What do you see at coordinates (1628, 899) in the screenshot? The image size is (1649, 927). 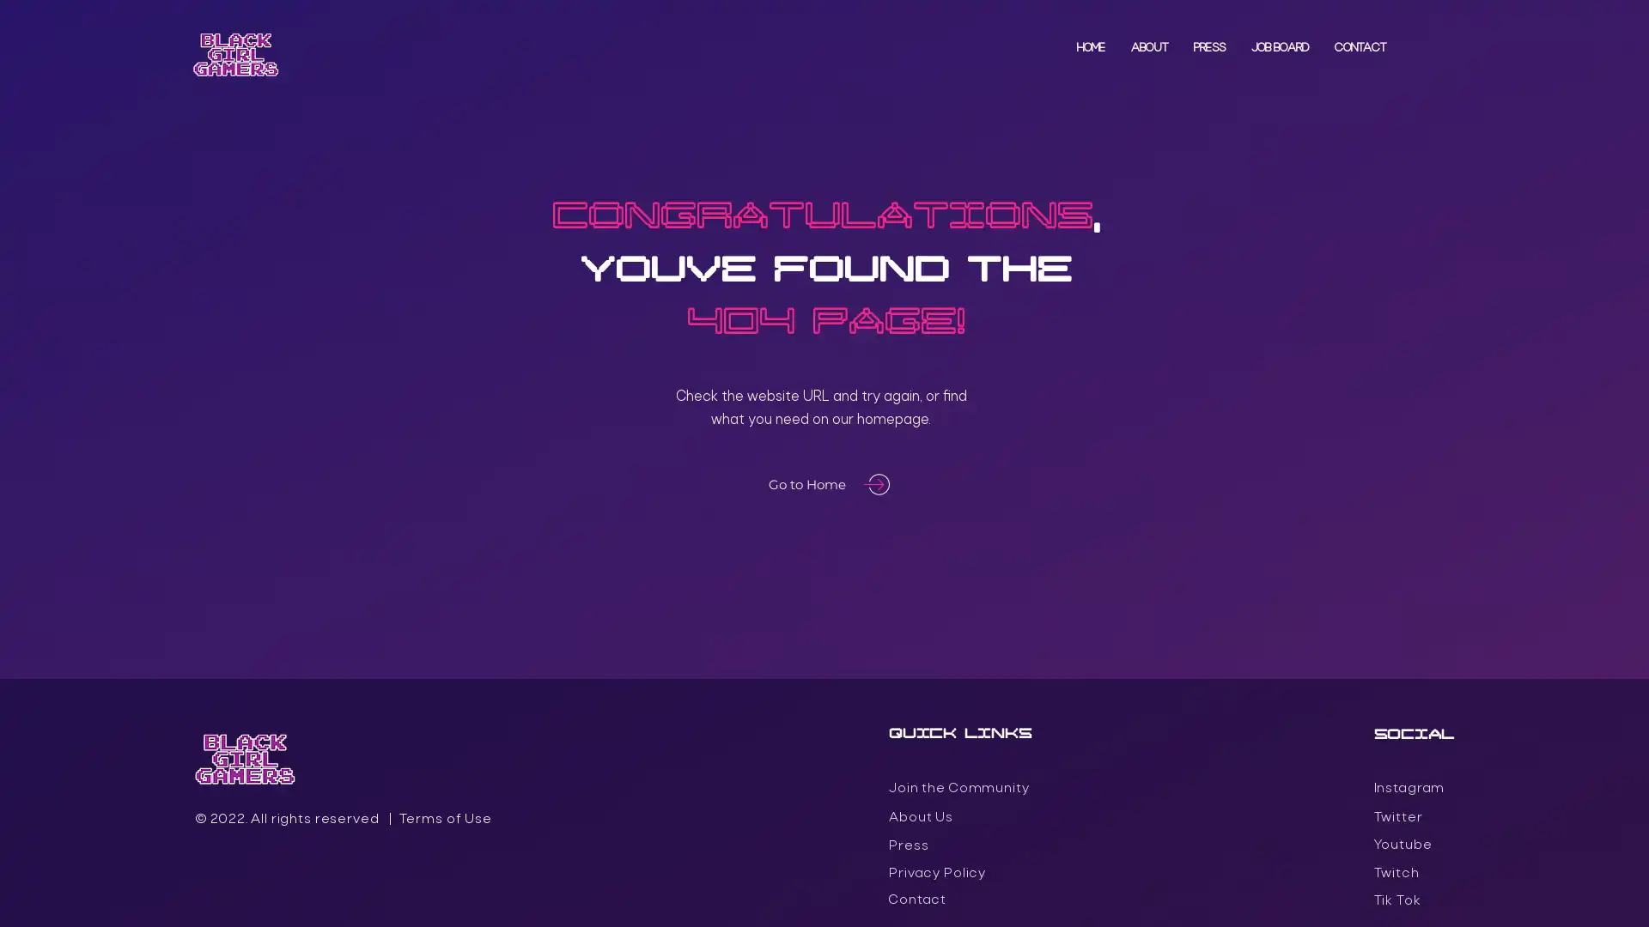 I see `Close` at bounding box center [1628, 899].